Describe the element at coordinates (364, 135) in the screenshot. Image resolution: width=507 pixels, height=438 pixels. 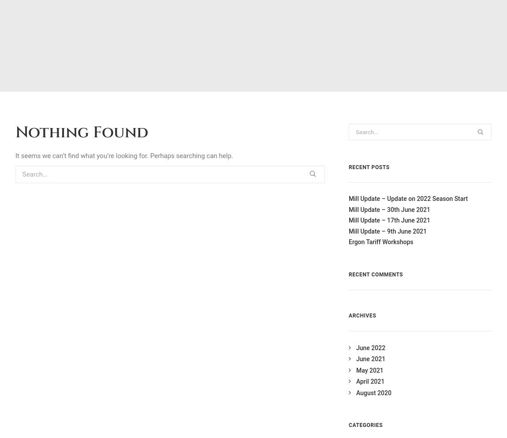
I see `'Log in'` at that location.